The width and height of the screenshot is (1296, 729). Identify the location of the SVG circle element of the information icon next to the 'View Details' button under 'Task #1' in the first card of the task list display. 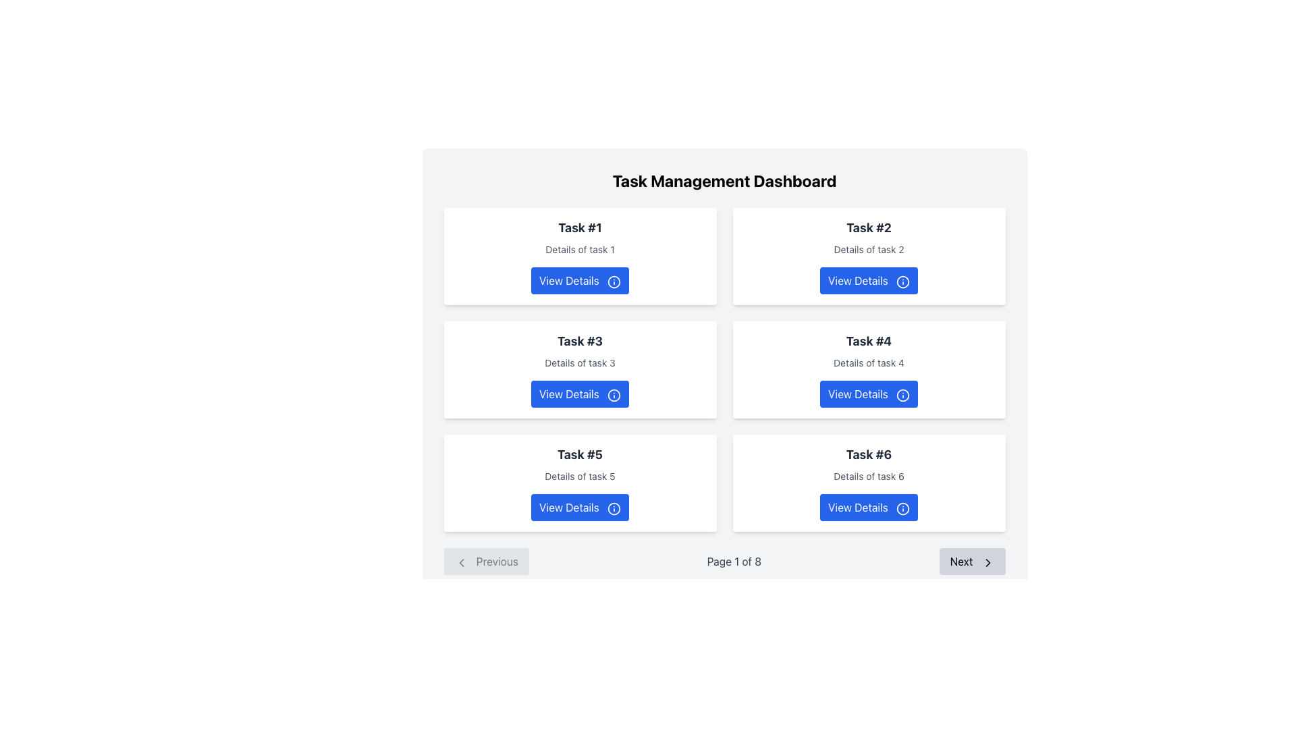
(613, 281).